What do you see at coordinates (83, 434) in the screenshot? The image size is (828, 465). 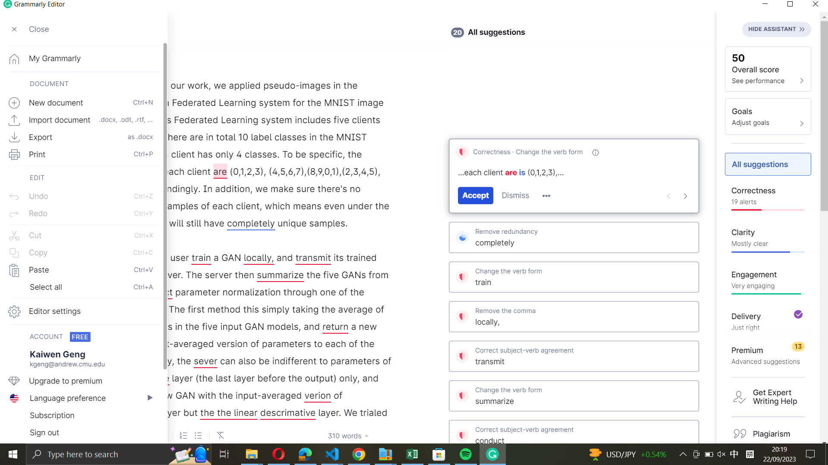 I see `Terminate the session in the editor` at bounding box center [83, 434].